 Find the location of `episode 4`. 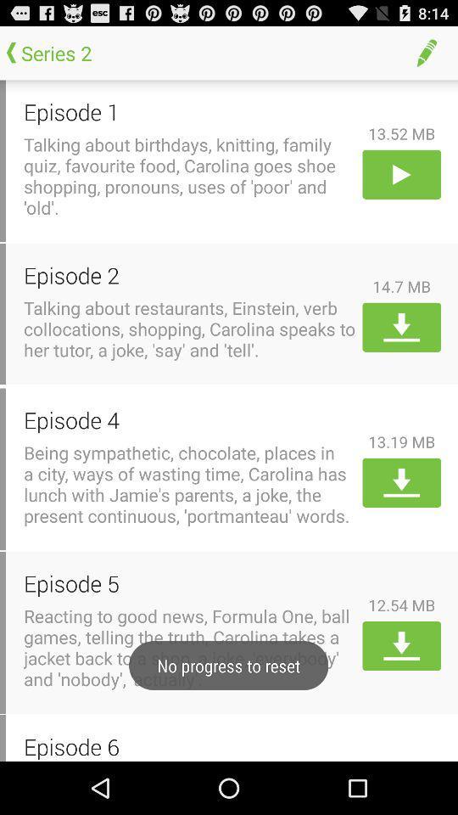

episode 4 is located at coordinates (189, 419).